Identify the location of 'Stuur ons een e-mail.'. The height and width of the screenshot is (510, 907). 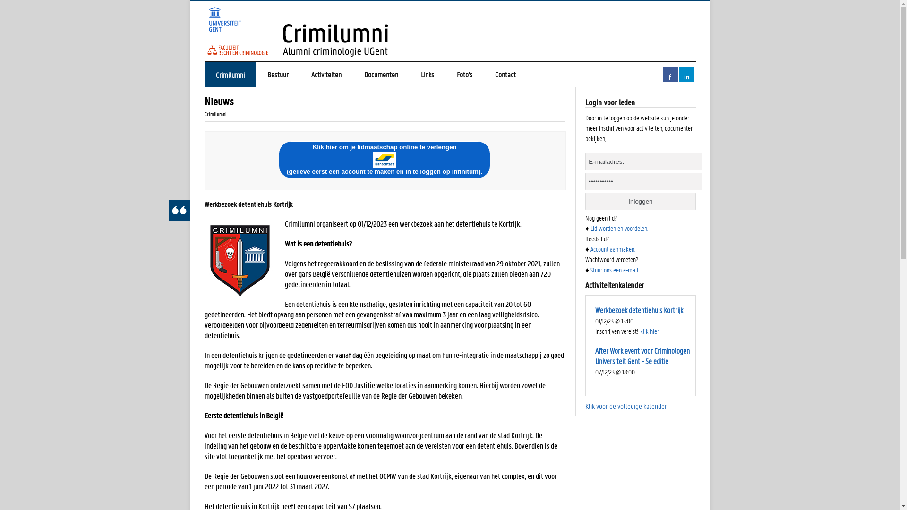
(615, 269).